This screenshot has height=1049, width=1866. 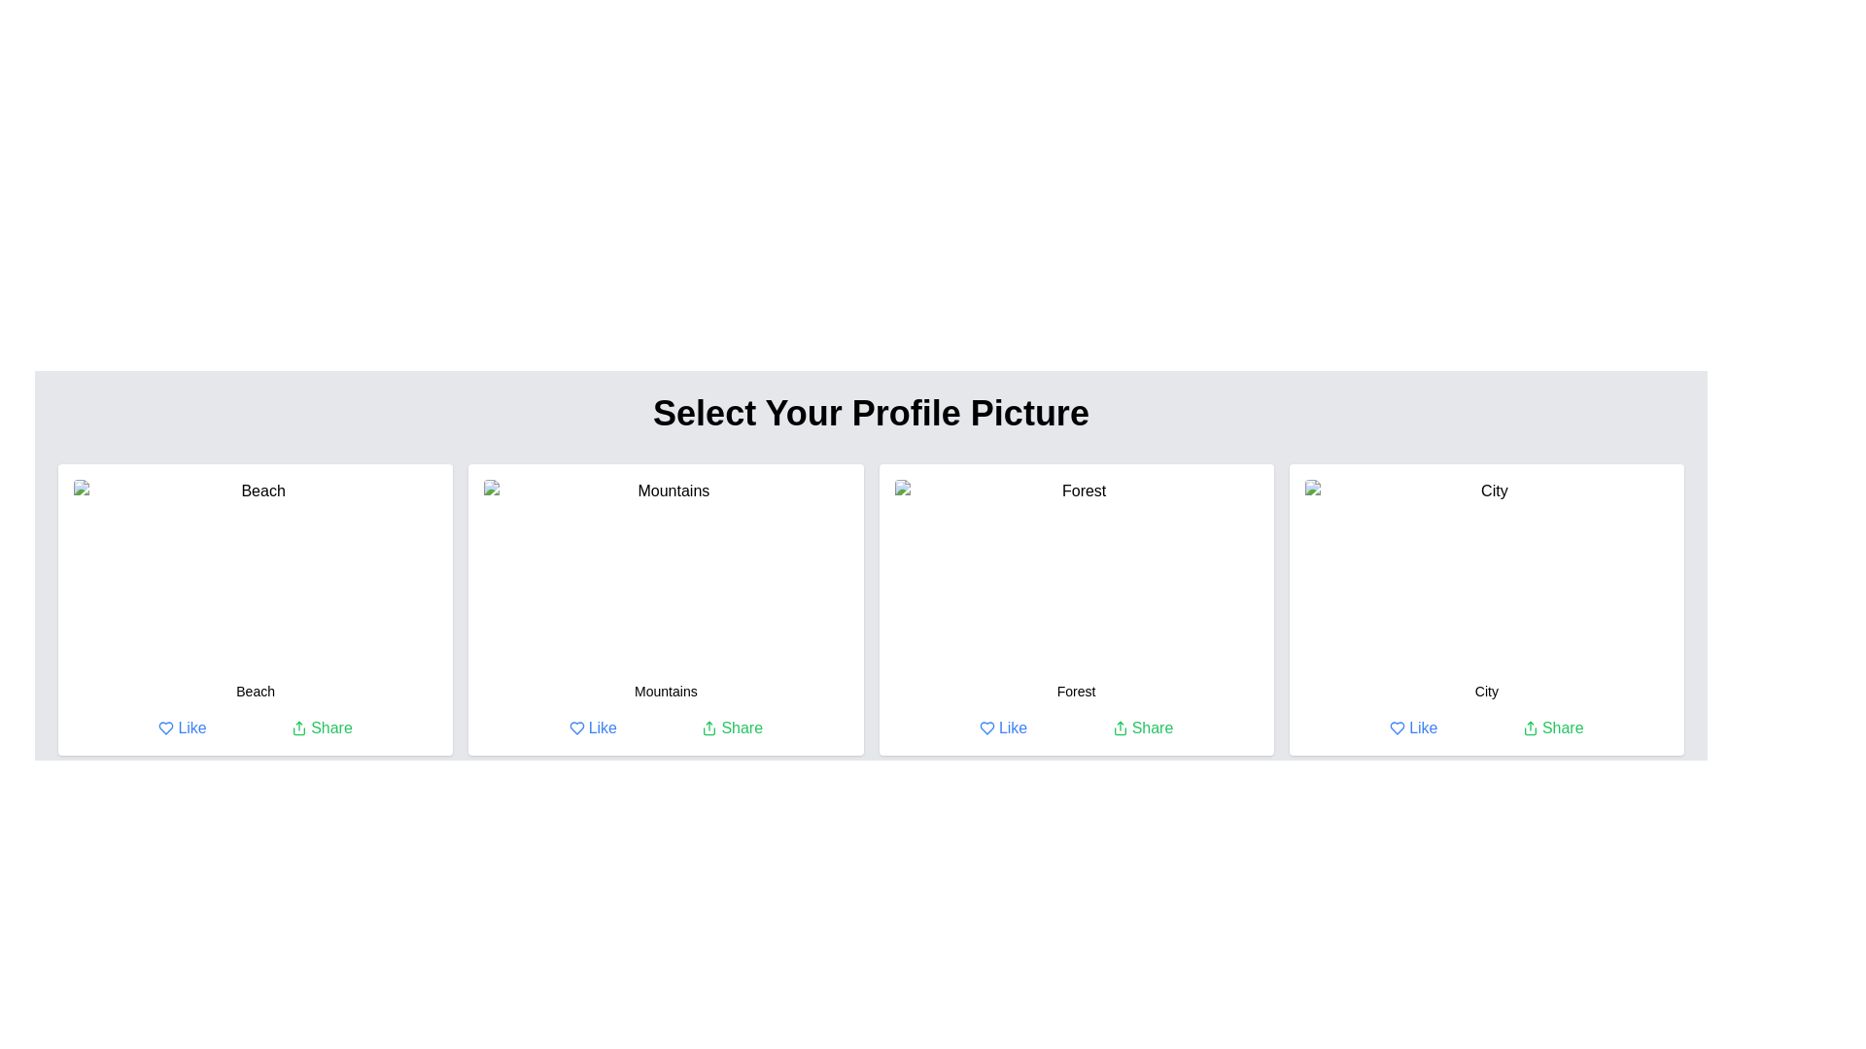 I want to click on the blue 'Like' button with a heart icon located directly under the 'City' title and image, so click(x=1413, y=728).